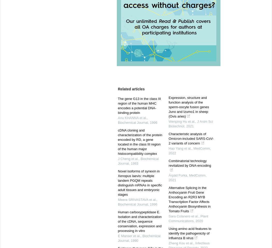  I want to click on 'Árpád Furka,', so click(168, 175).